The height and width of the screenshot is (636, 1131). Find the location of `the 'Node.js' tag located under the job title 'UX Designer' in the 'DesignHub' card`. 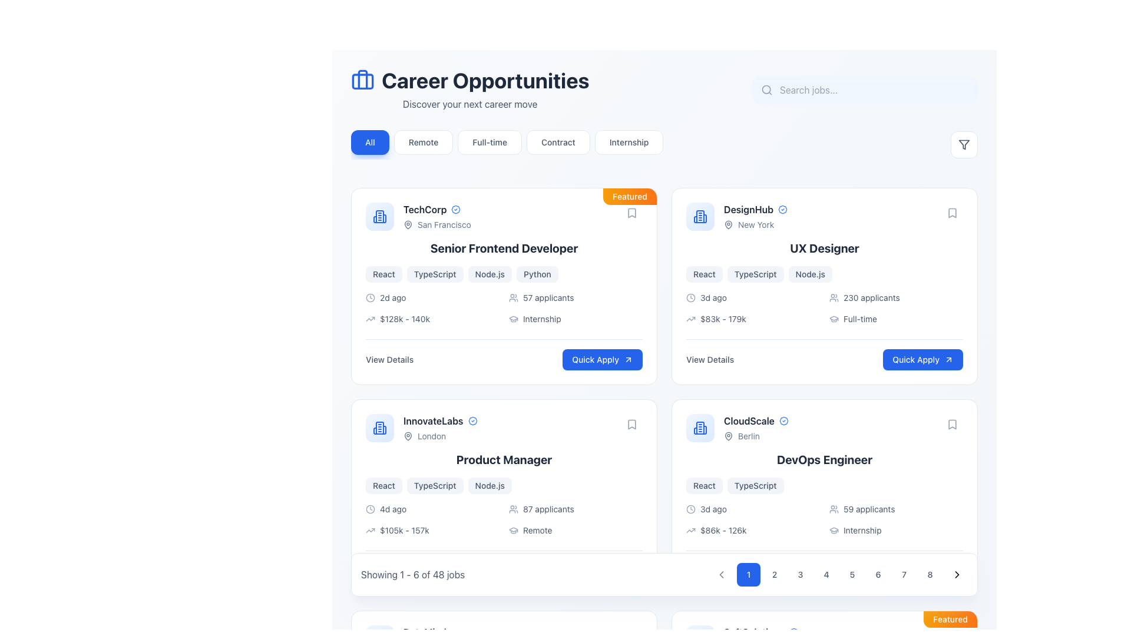

the 'Node.js' tag located under the job title 'UX Designer' in the 'DesignHub' card is located at coordinates (809, 274).